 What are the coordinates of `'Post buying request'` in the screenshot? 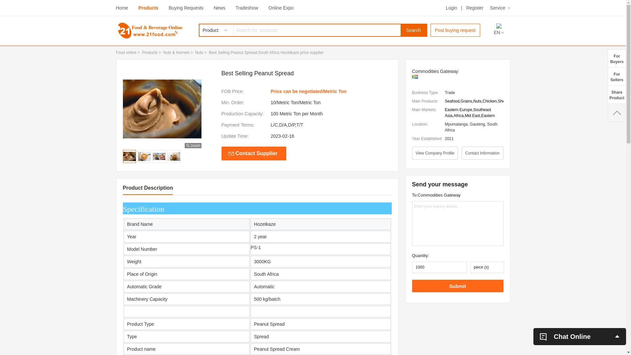 It's located at (455, 30).